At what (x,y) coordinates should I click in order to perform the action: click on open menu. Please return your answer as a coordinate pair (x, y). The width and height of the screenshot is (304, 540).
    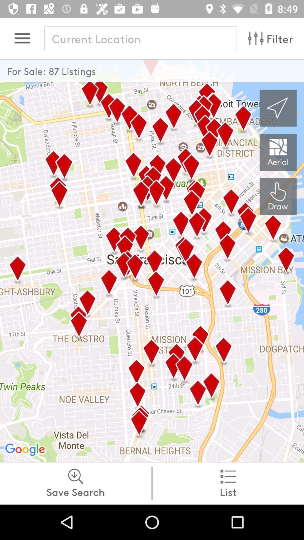
    Looking at the image, I should click on (22, 38).